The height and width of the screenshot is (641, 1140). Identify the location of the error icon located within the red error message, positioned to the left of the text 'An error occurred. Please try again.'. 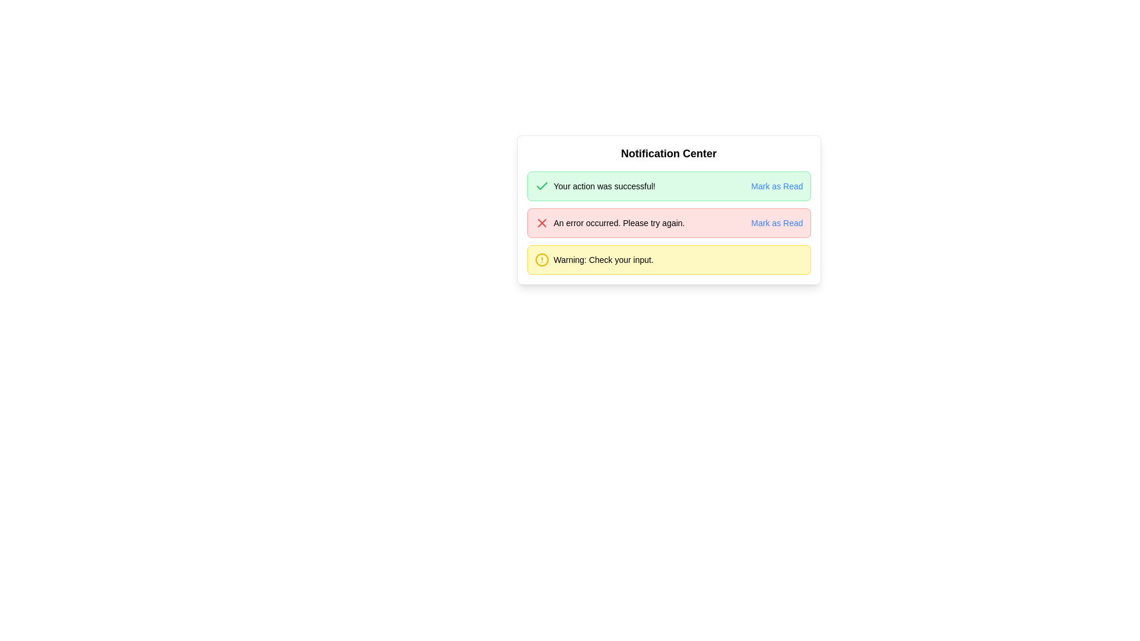
(541, 223).